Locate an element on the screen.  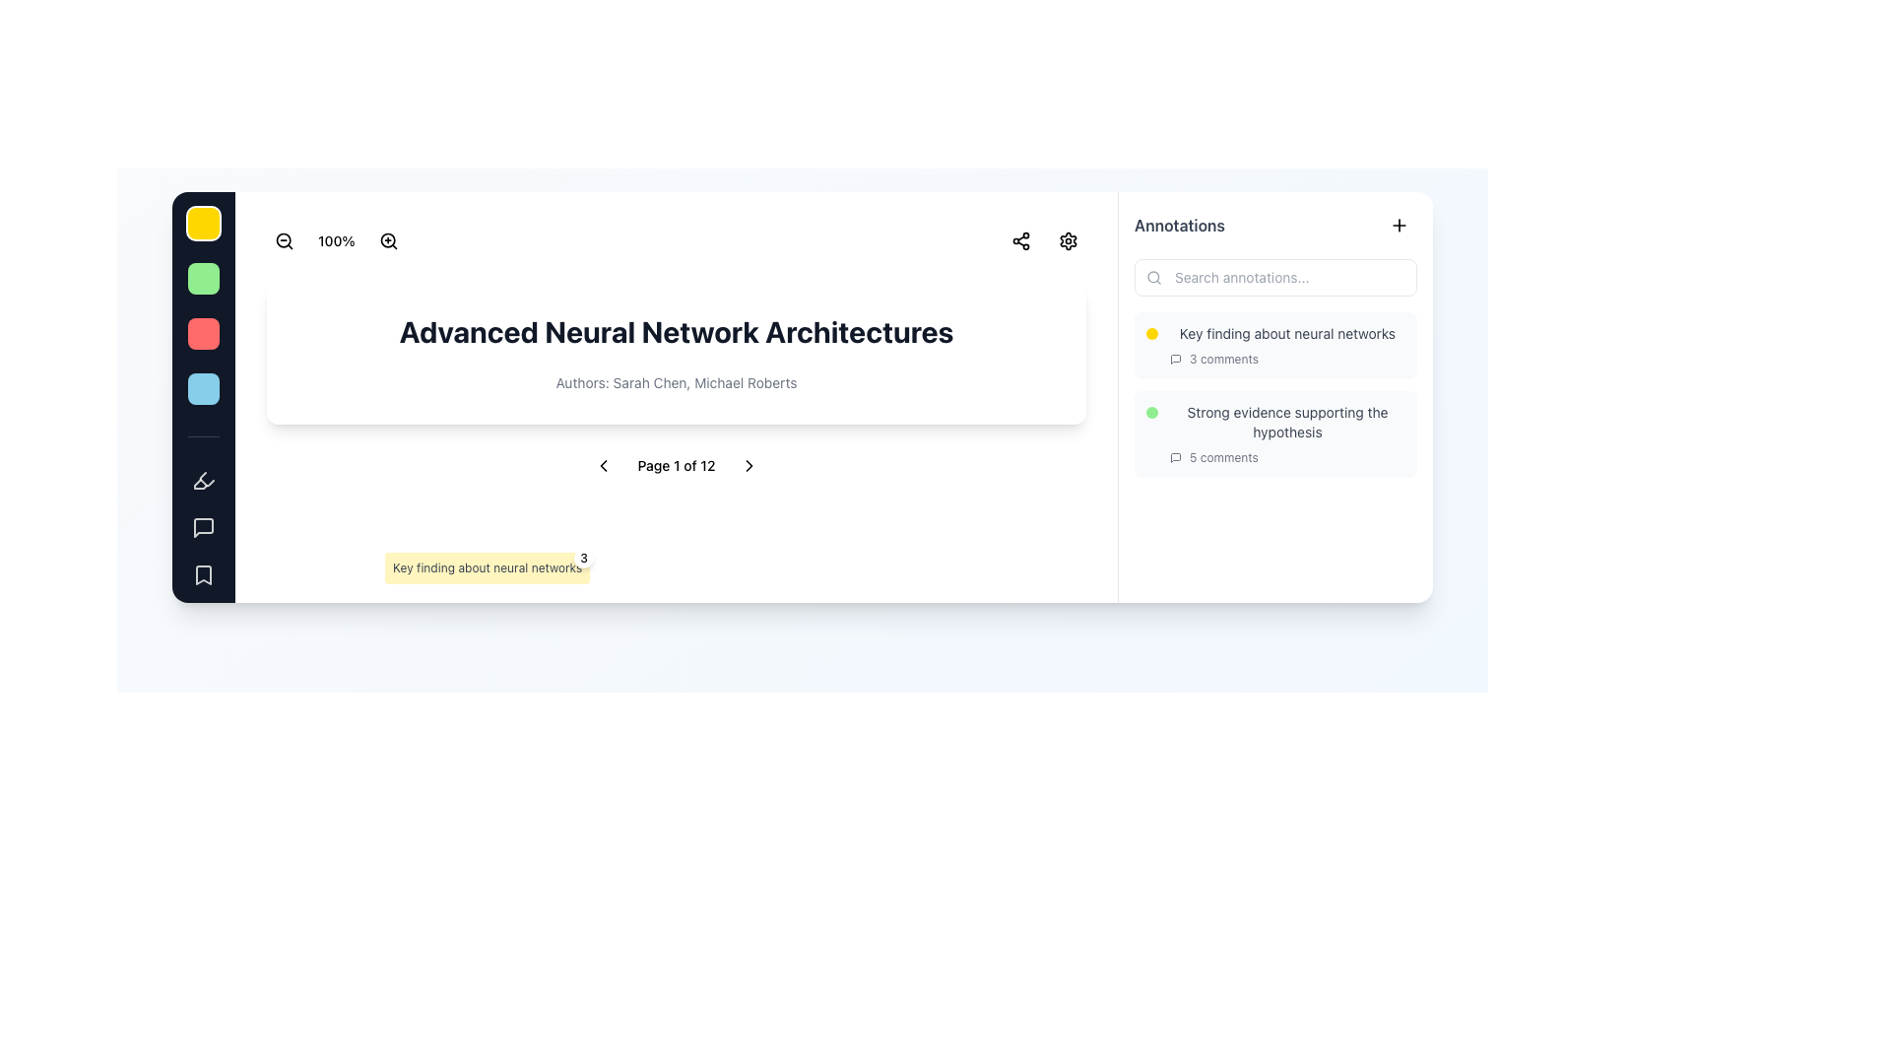
the small circular button with a magnifying glass icon featuring a minus symbol, located in the toolbar at the top left corner of the interface is located at coordinates (283, 240).